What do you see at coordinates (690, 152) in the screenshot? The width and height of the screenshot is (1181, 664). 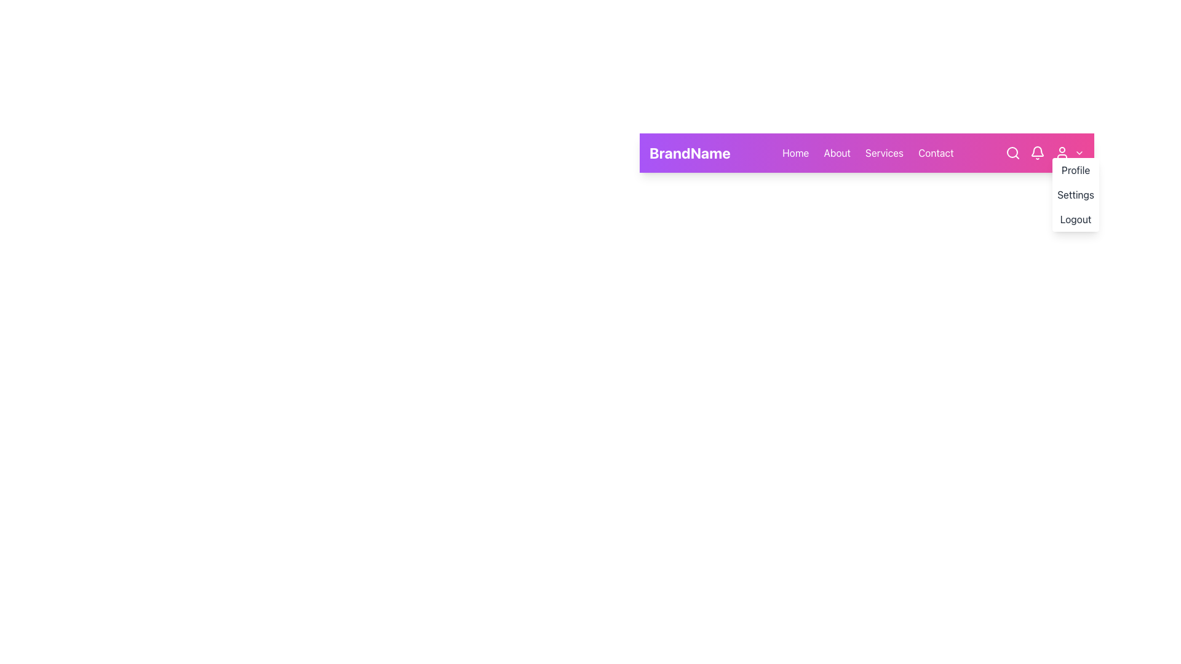 I see `the 'BrandName' text label, which is a bold white font displaying the brand against a gradient purple and pink background, located at the leftmost side of the navigation bar` at bounding box center [690, 152].